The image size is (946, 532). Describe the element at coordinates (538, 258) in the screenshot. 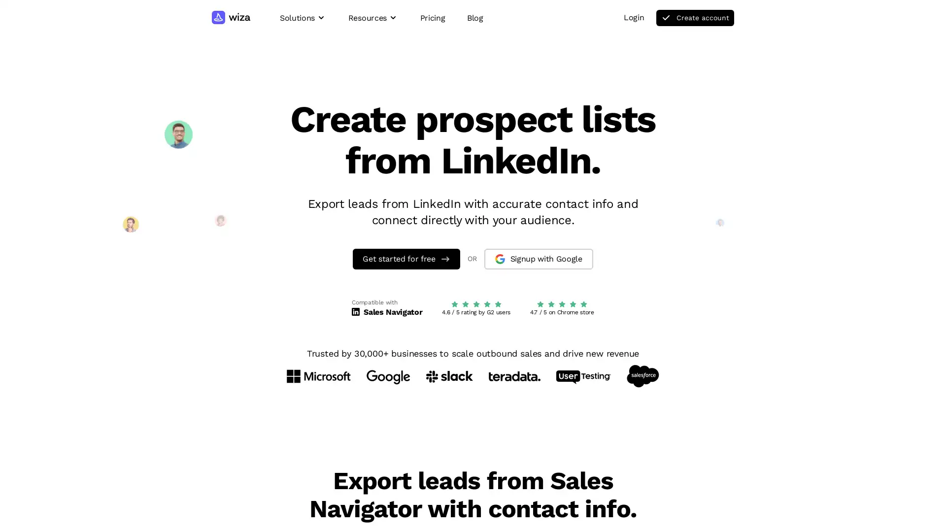

I see `Signup with Google` at that location.